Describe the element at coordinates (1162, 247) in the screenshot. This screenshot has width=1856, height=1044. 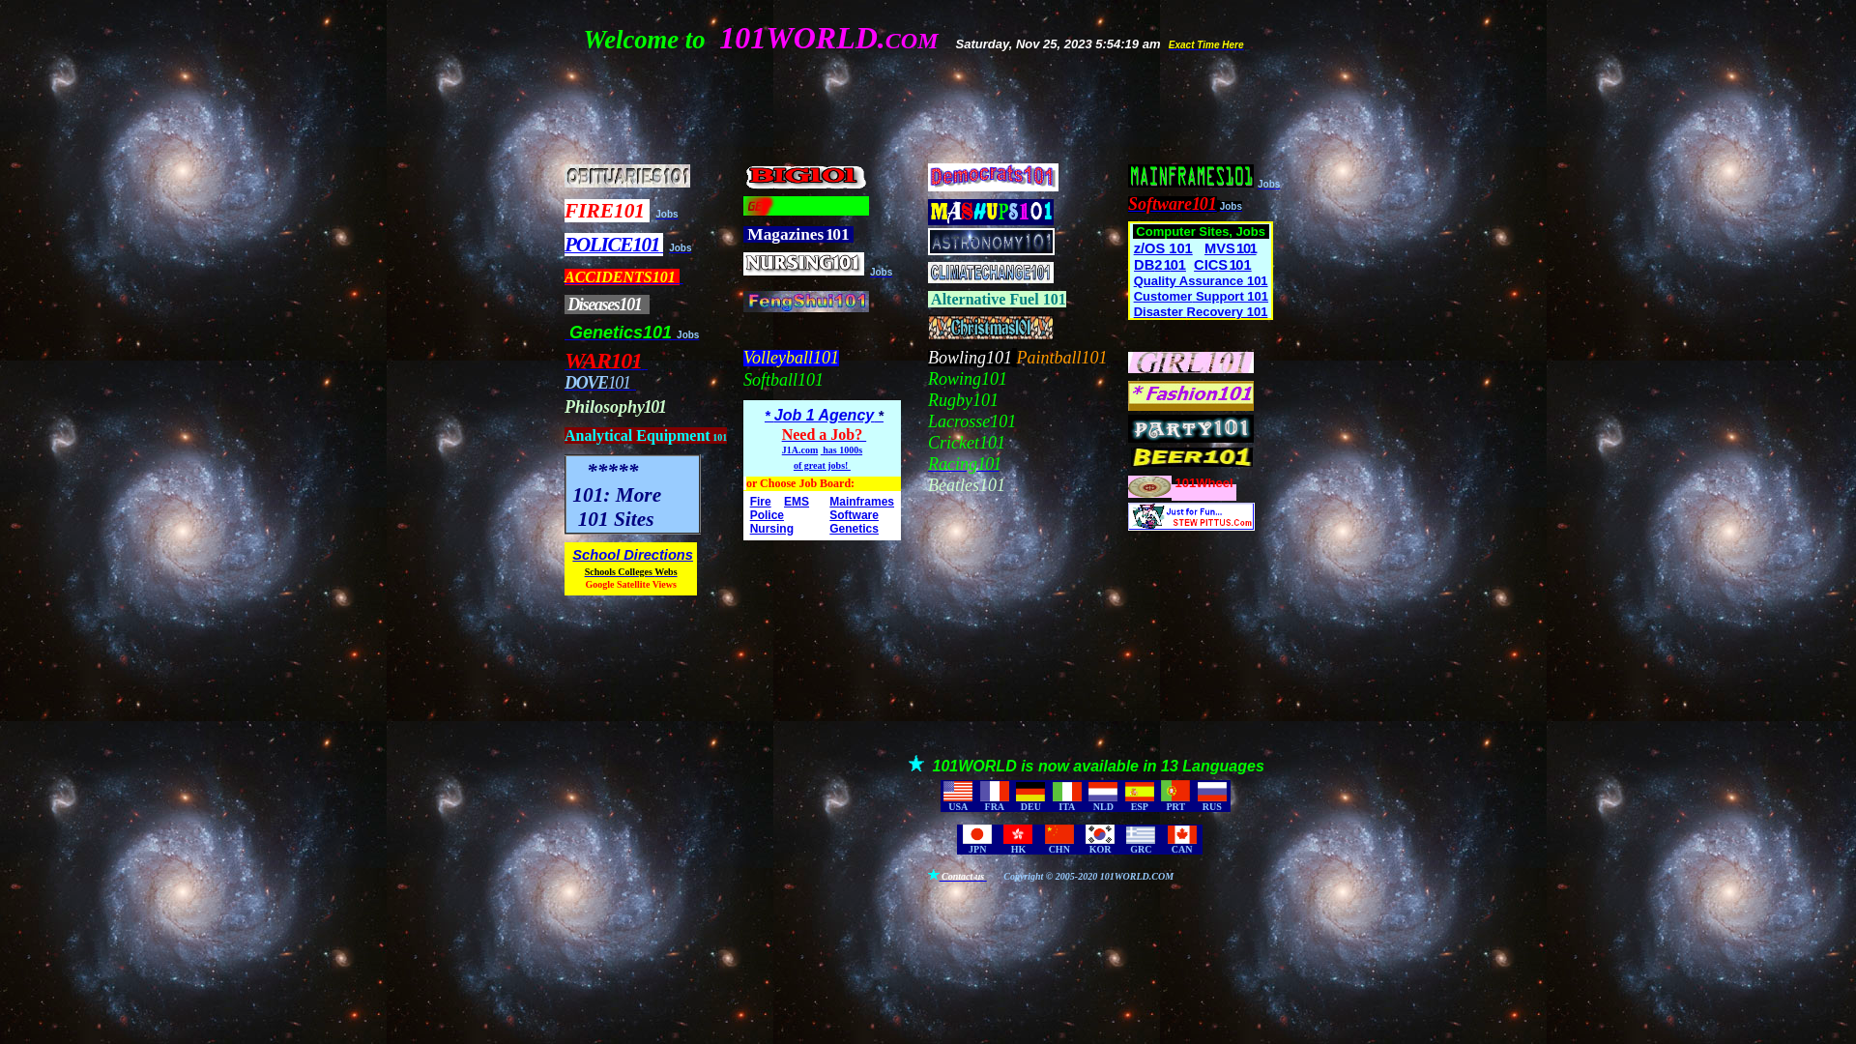
I see `'z/OS 101'` at that location.